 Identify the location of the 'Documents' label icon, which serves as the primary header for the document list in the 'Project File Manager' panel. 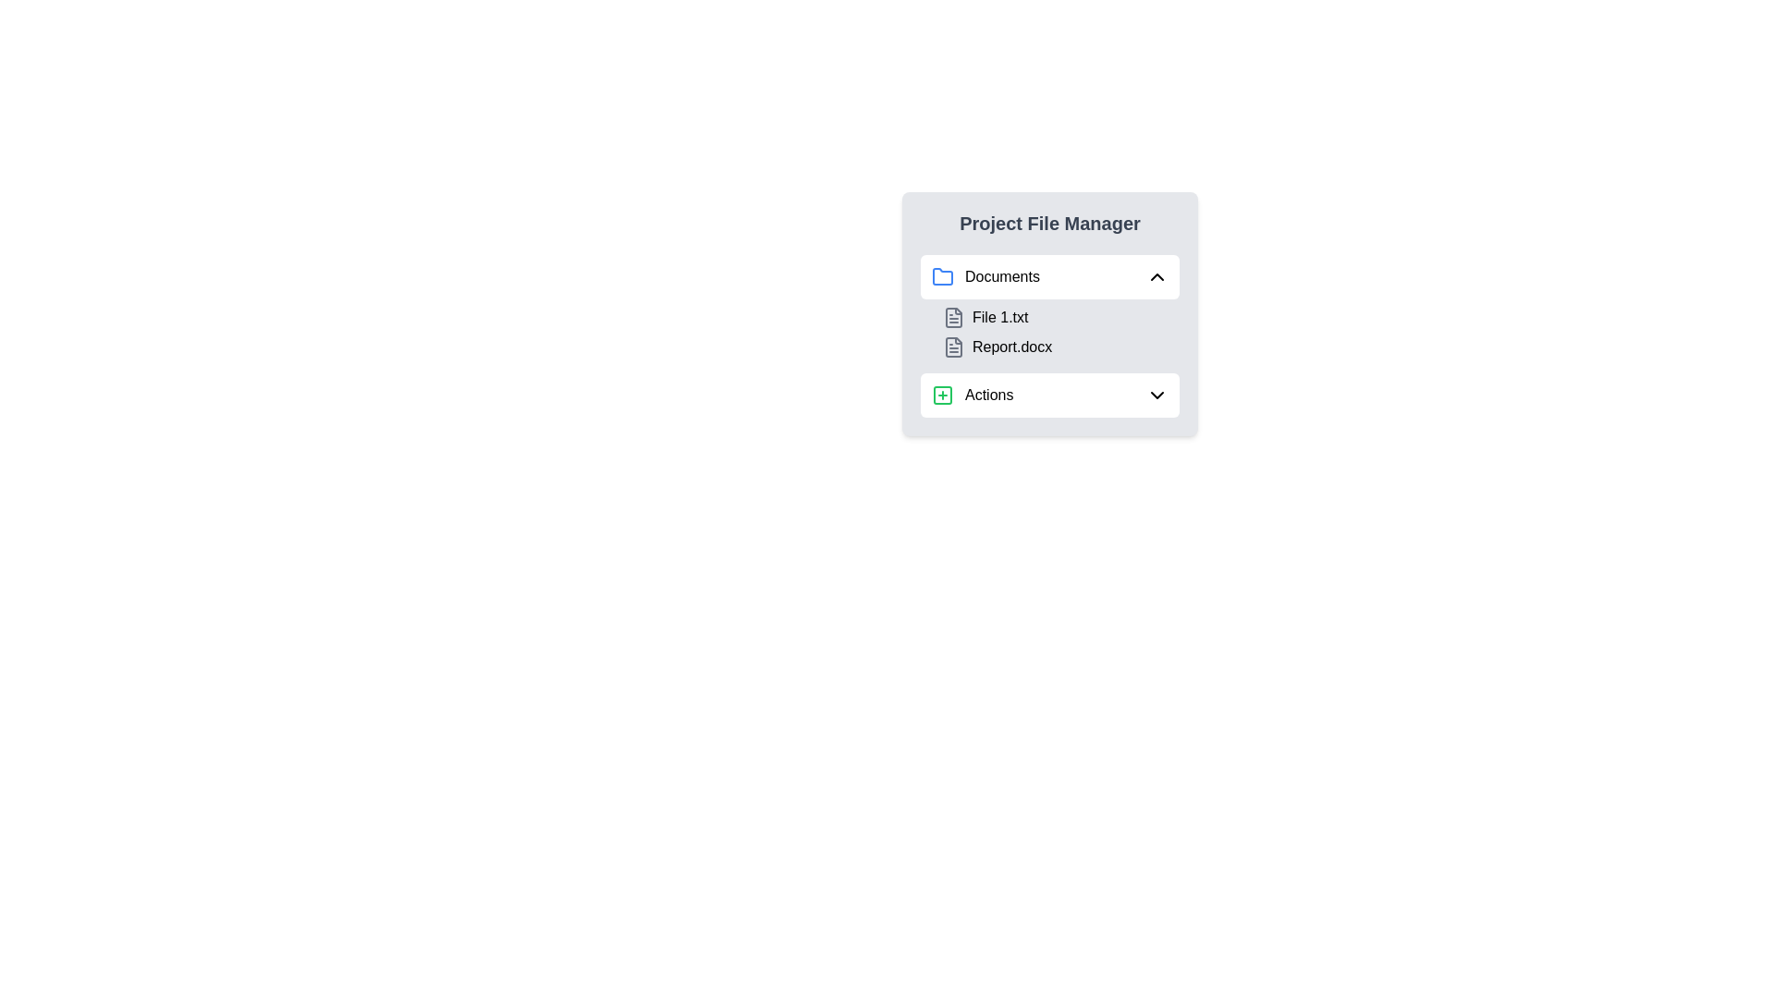
(985, 277).